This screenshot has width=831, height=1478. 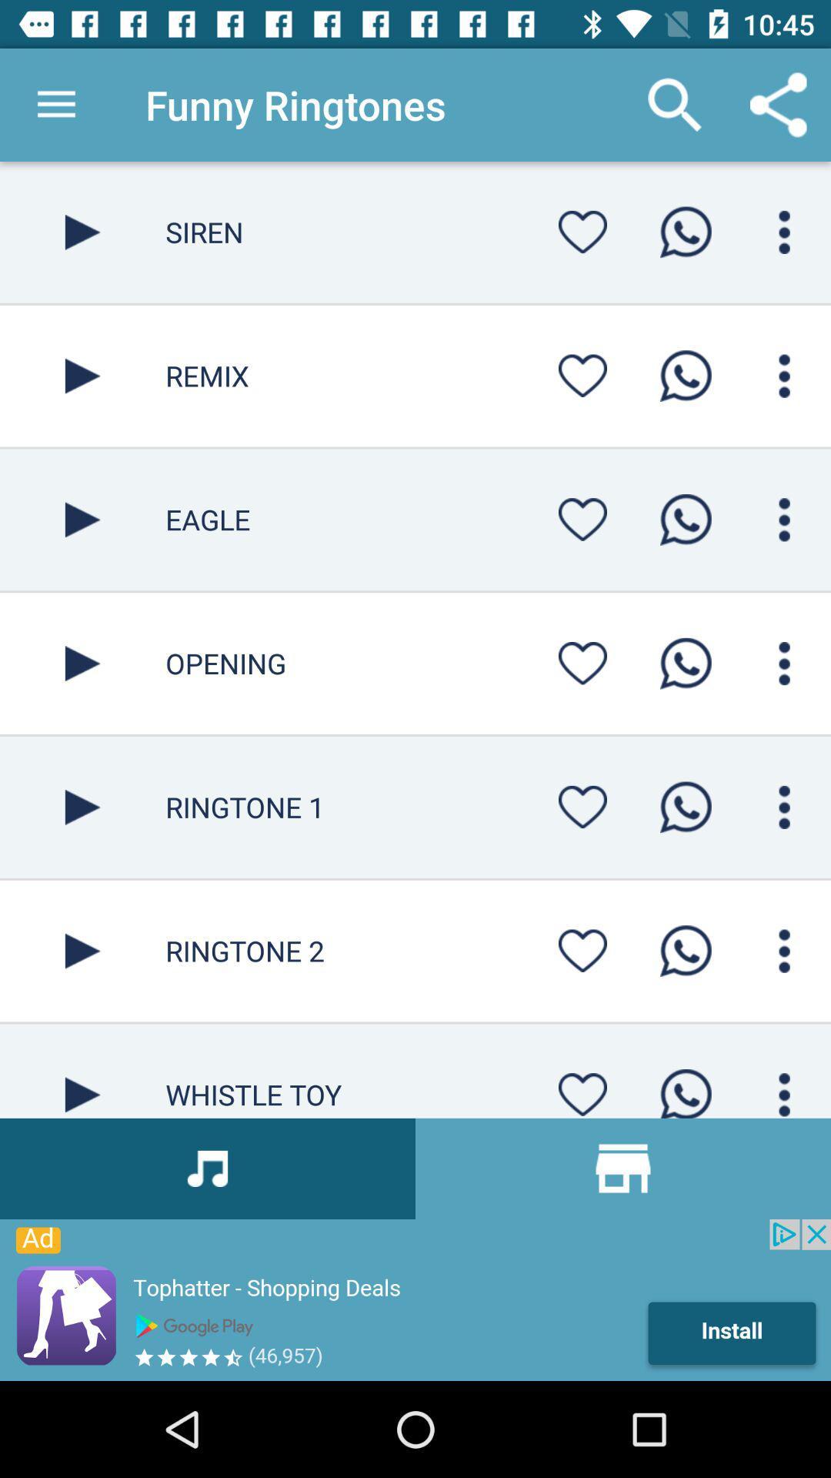 I want to click on share on whatsapp, so click(x=685, y=376).